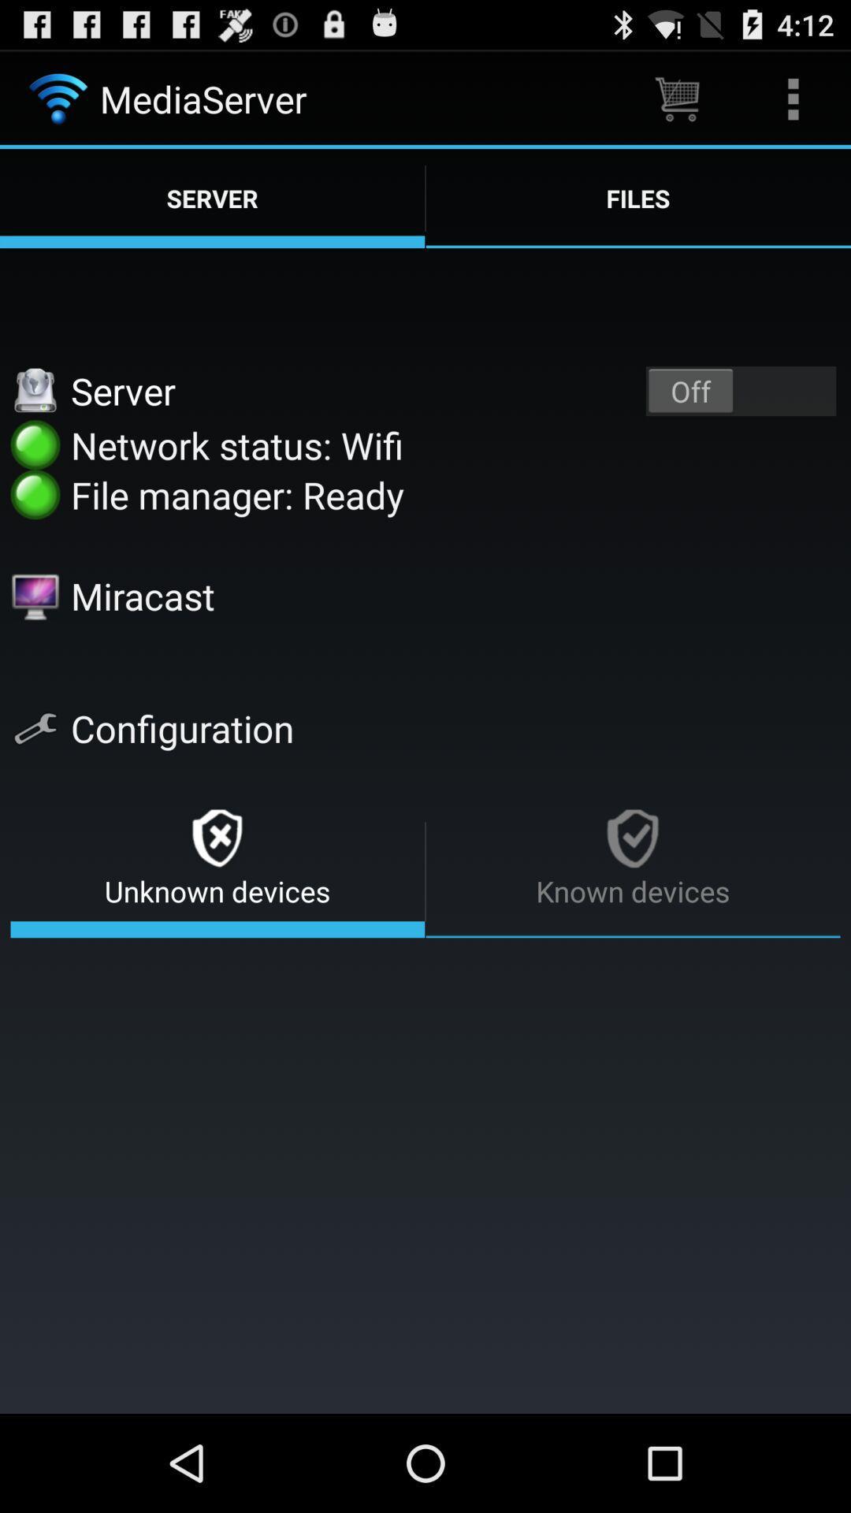 Image resolution: width=851 pixels, height=1513 pixels. I want to click on icon above server, so click(793, 98).